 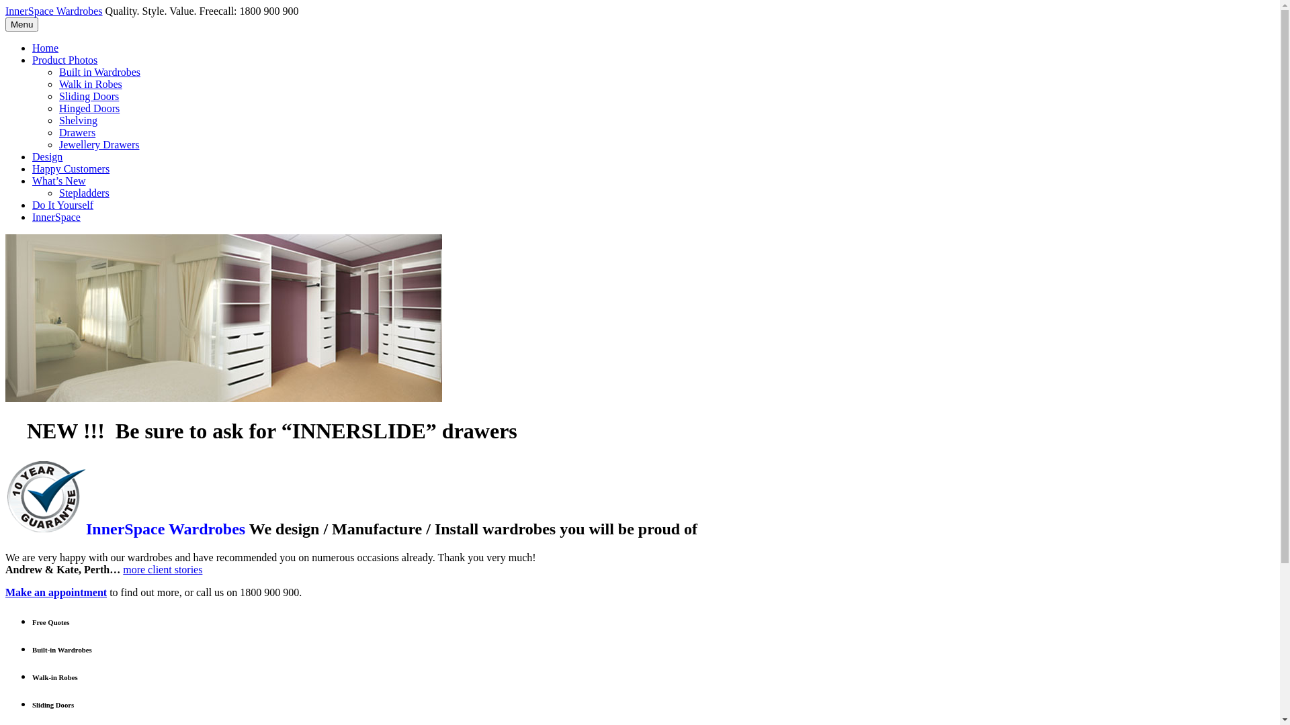 I want to click on 'Hinged Doors', so click(x=89, y=107).